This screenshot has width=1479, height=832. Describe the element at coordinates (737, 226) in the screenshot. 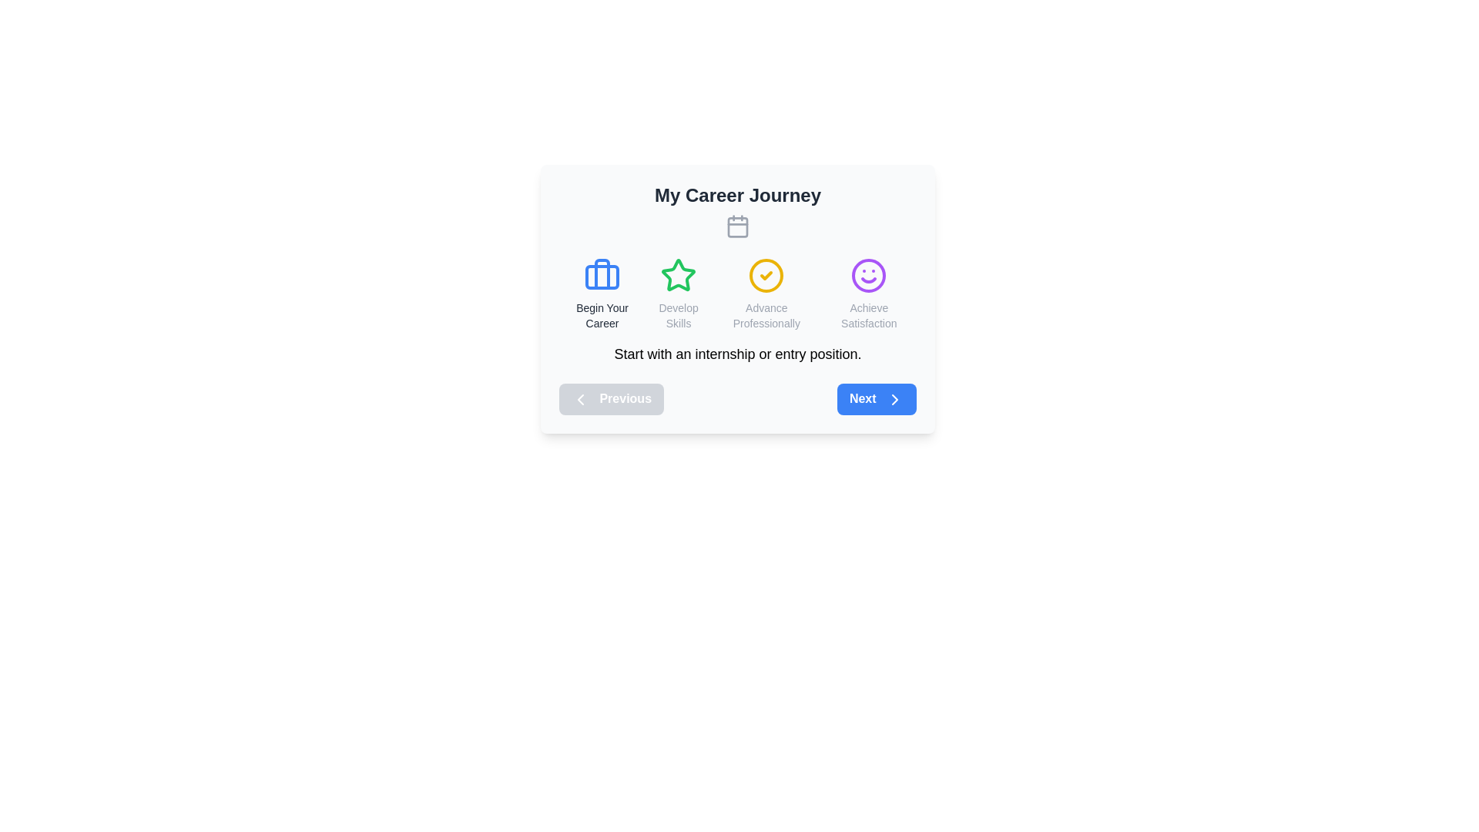

I see `the calendar icon with a gray outline, located below 'My Career Journey' and above the text buttons, which is the second icon from the left in a sequence of career stage icons` at that location.